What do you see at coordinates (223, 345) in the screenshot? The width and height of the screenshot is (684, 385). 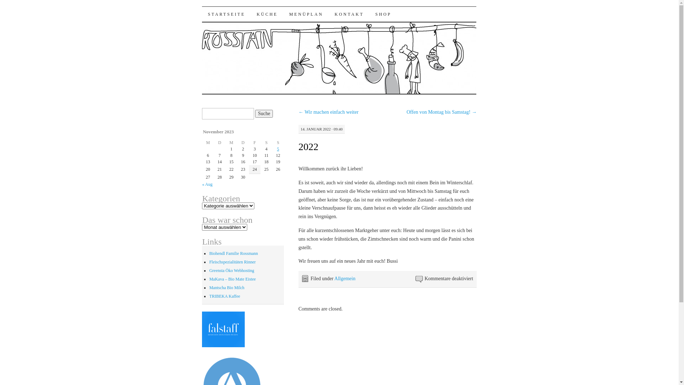 I see `'Rossian in '` at bounding box center [223, 345].